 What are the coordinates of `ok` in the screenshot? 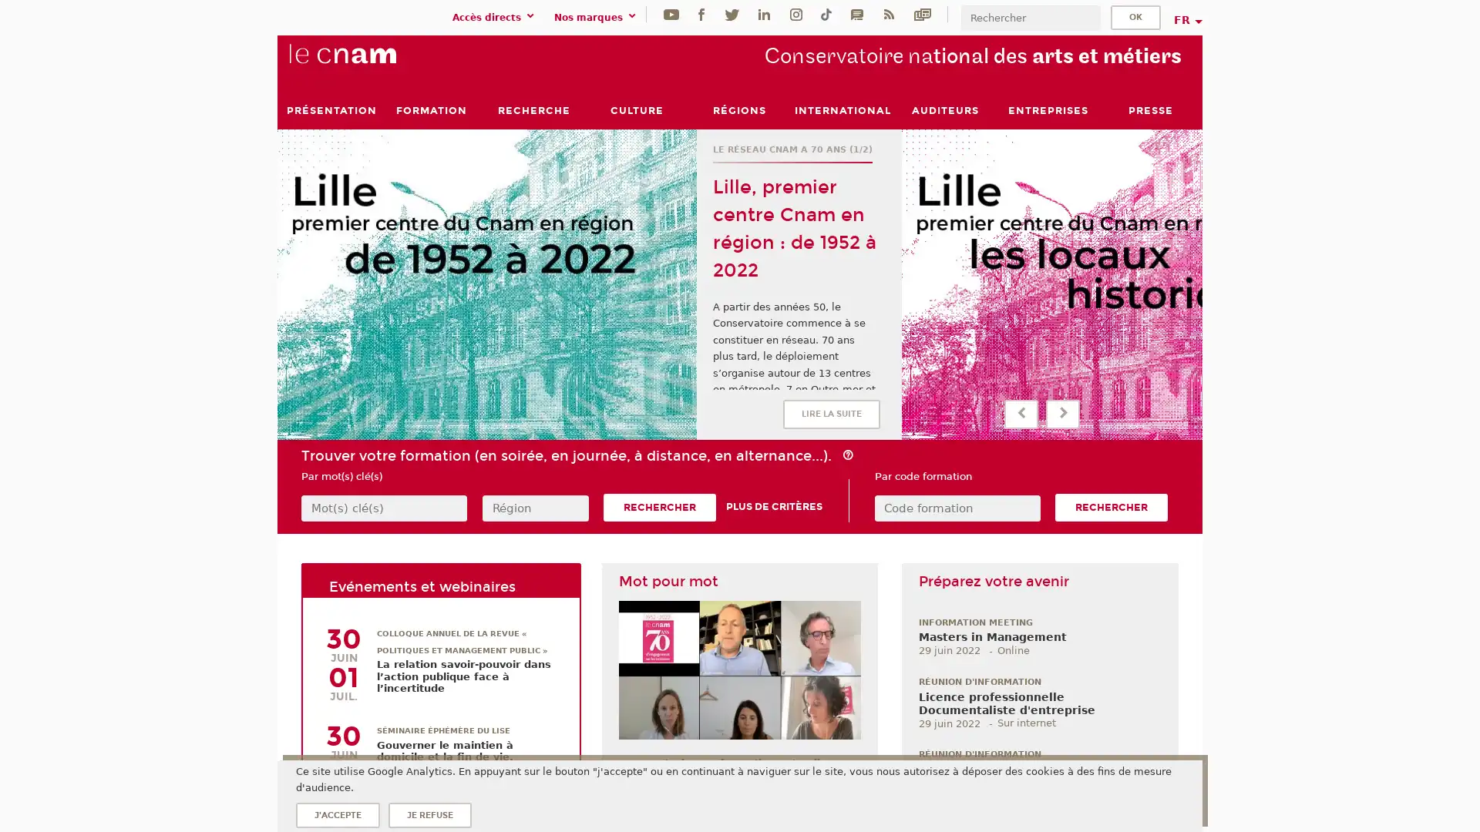 It's located at (1135, 17).